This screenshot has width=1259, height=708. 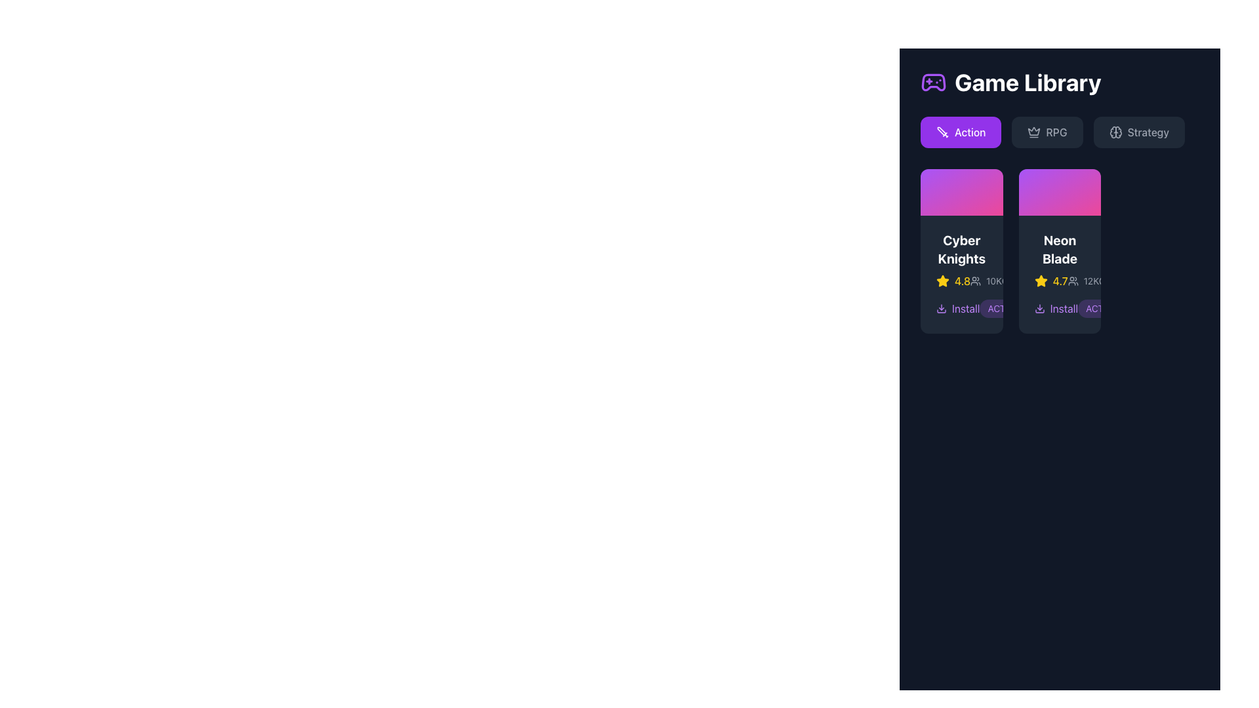 What do you see at coordinates (1060, 249) in the screenshot?
I see `the static text label that identifies the game 'Neon Blade', positioned below the game's thumbnail image in the second game card of the display grid` at bounding box center [1060, 249].